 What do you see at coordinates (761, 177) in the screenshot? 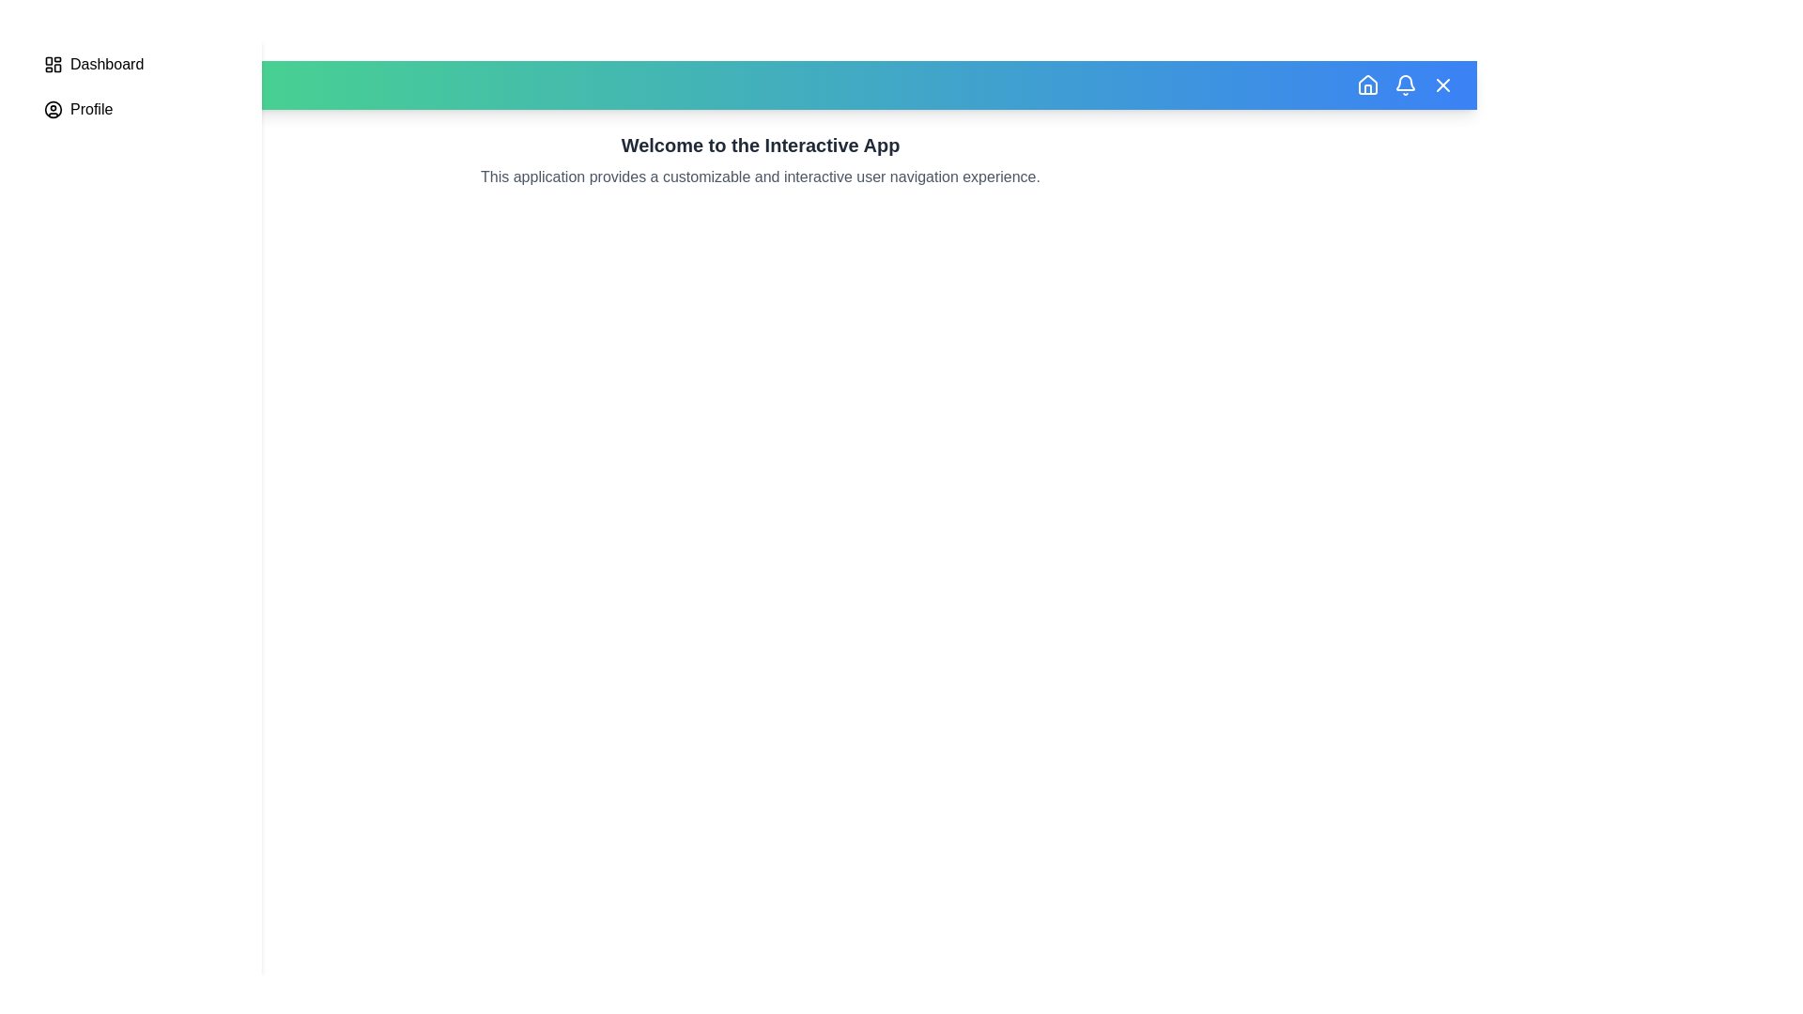
I see `the gray-colored text description located underneath the title 'Welcome to the Interactive App', which explains the customizable and interactive user navigation experience` at bounding box center [761, 177].